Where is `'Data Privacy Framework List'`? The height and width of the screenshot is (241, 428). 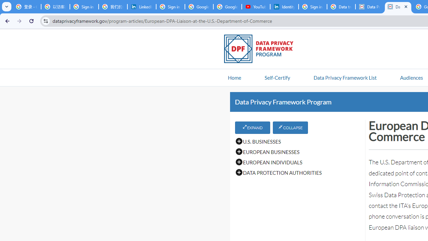
'Data Privacy Framework List' is located at coordinates (345, 77).